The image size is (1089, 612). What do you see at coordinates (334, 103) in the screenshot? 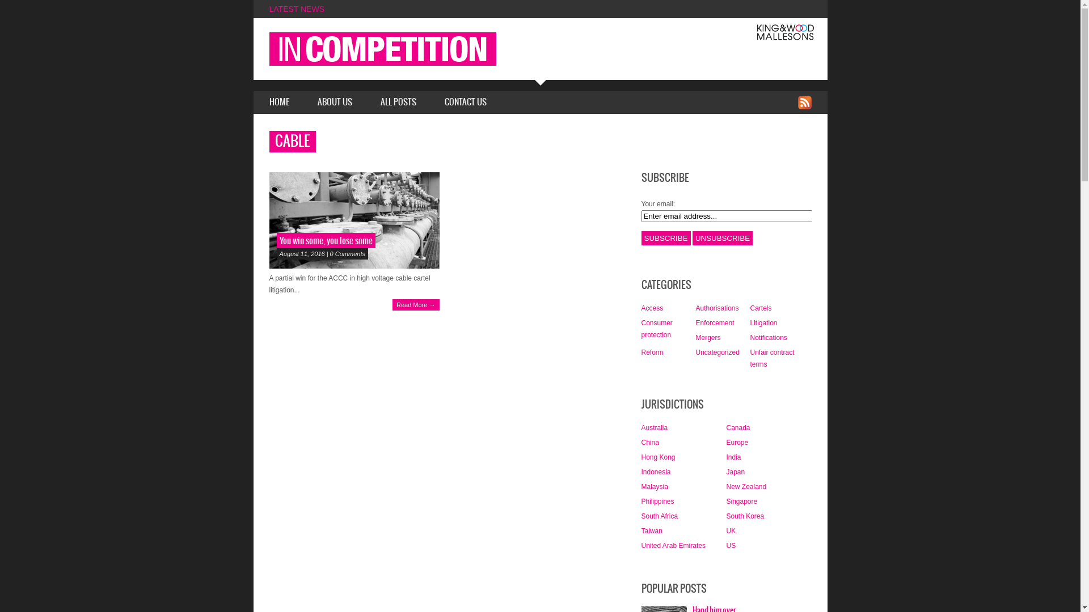
I see `'ABOUT US'` at bounding box center [334, 103].